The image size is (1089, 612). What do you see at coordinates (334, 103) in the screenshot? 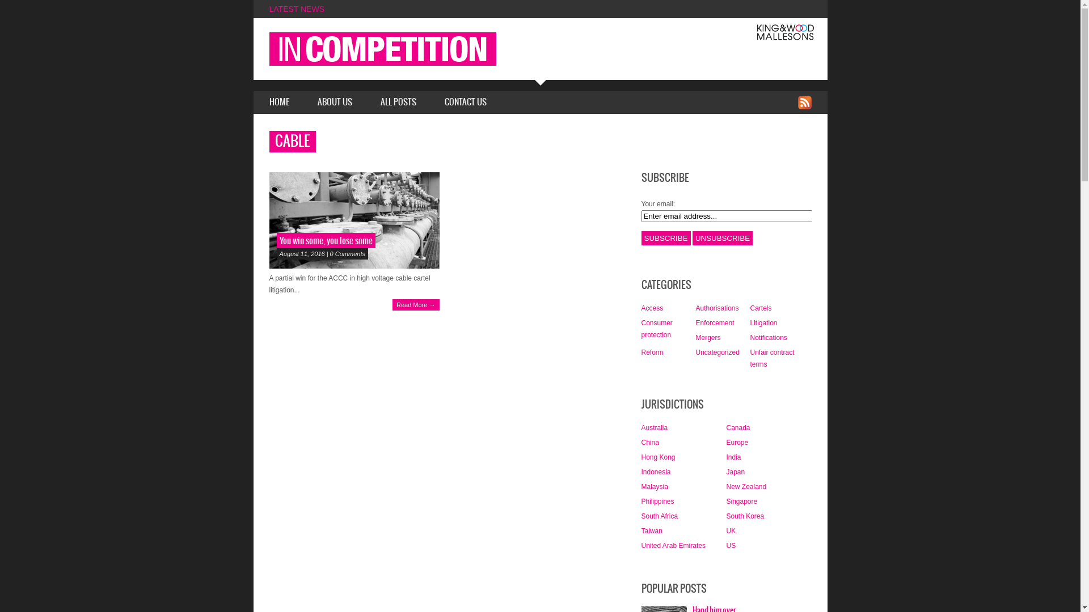
I see `'ABOUT US'` at bounding box center [334, 103].